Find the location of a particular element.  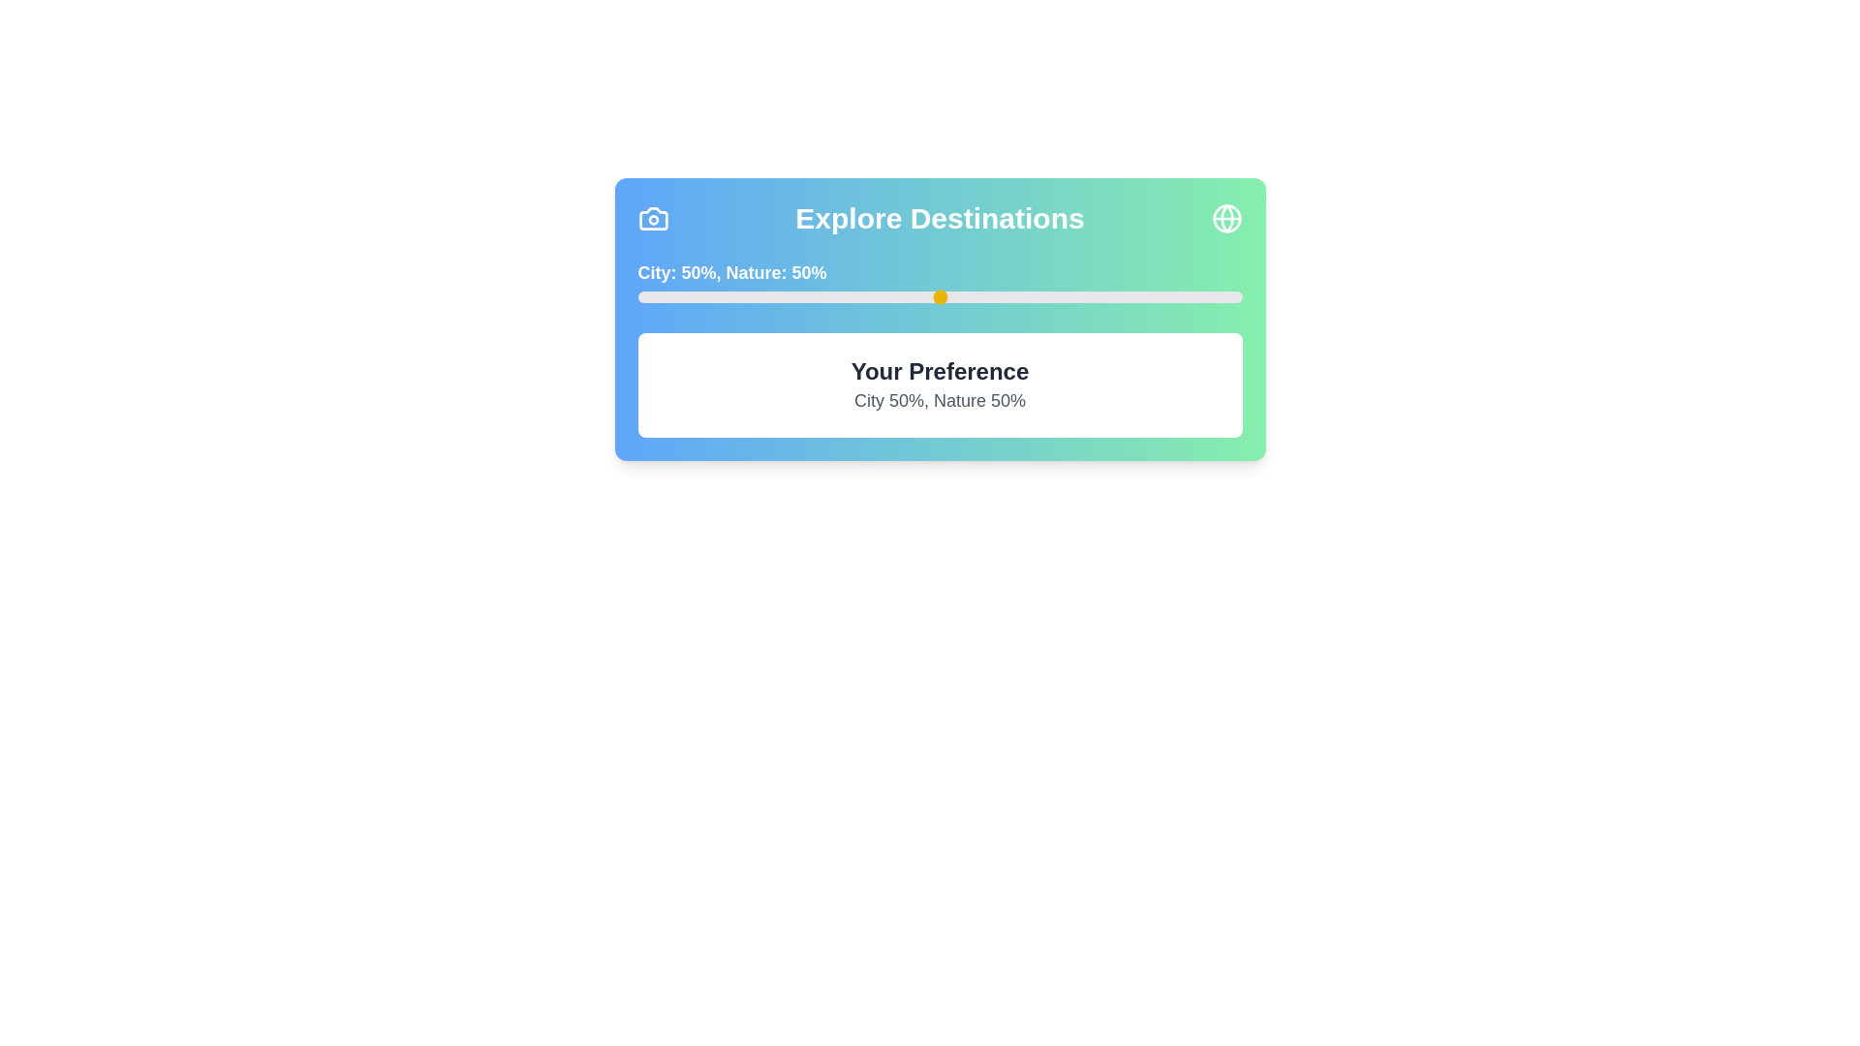

the slider to set the Nature preference to 90% is located at coordinates (1181, 297).